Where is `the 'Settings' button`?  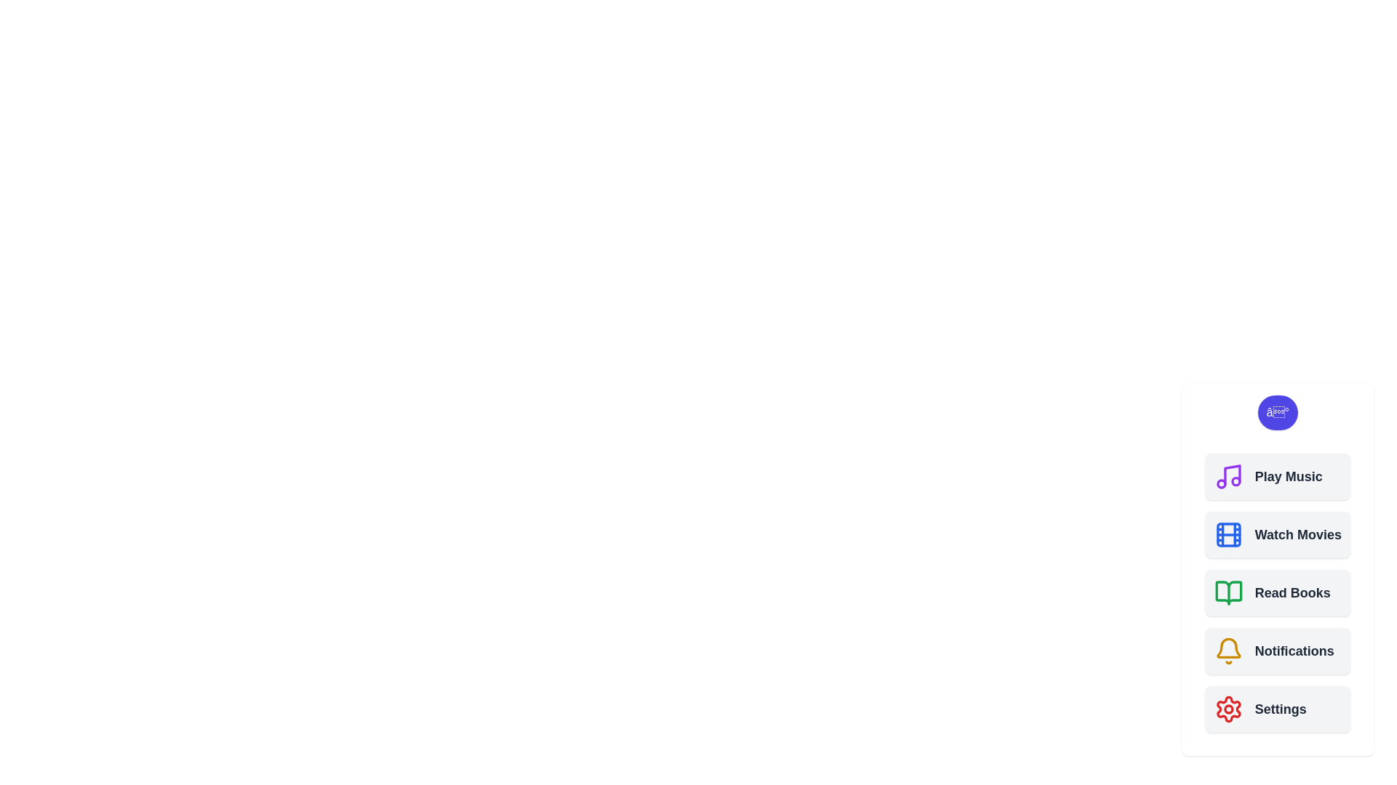
the 'Settings' button is located at coordinates (1277, 708).